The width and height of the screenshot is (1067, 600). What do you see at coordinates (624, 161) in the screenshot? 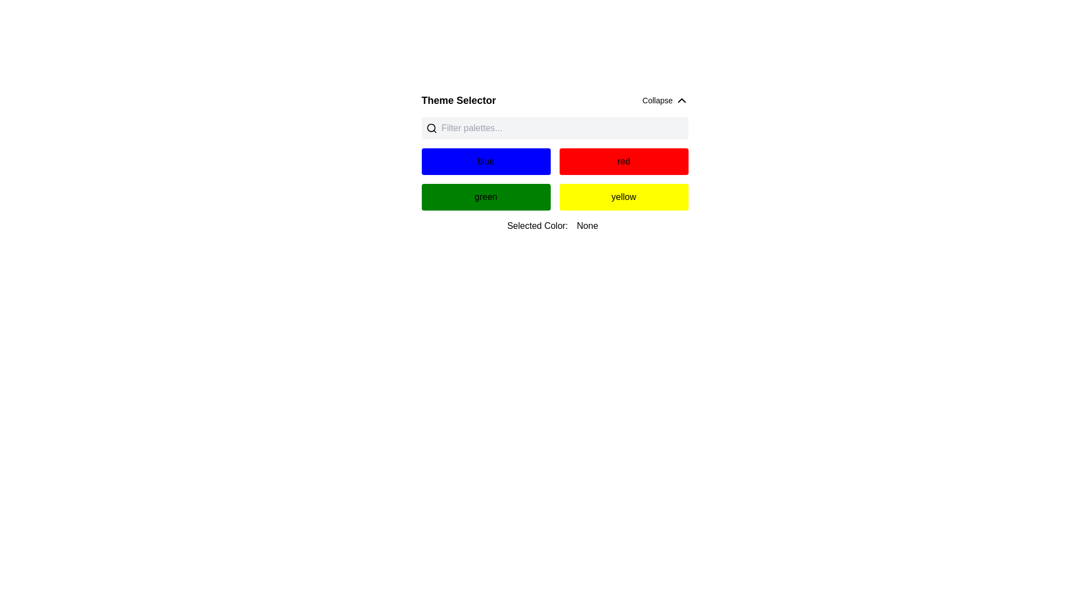
I see `the rectangular button with a red background and the text 'red' in black, located in the top-right of the grid layout` at bounding box center [624, 161].